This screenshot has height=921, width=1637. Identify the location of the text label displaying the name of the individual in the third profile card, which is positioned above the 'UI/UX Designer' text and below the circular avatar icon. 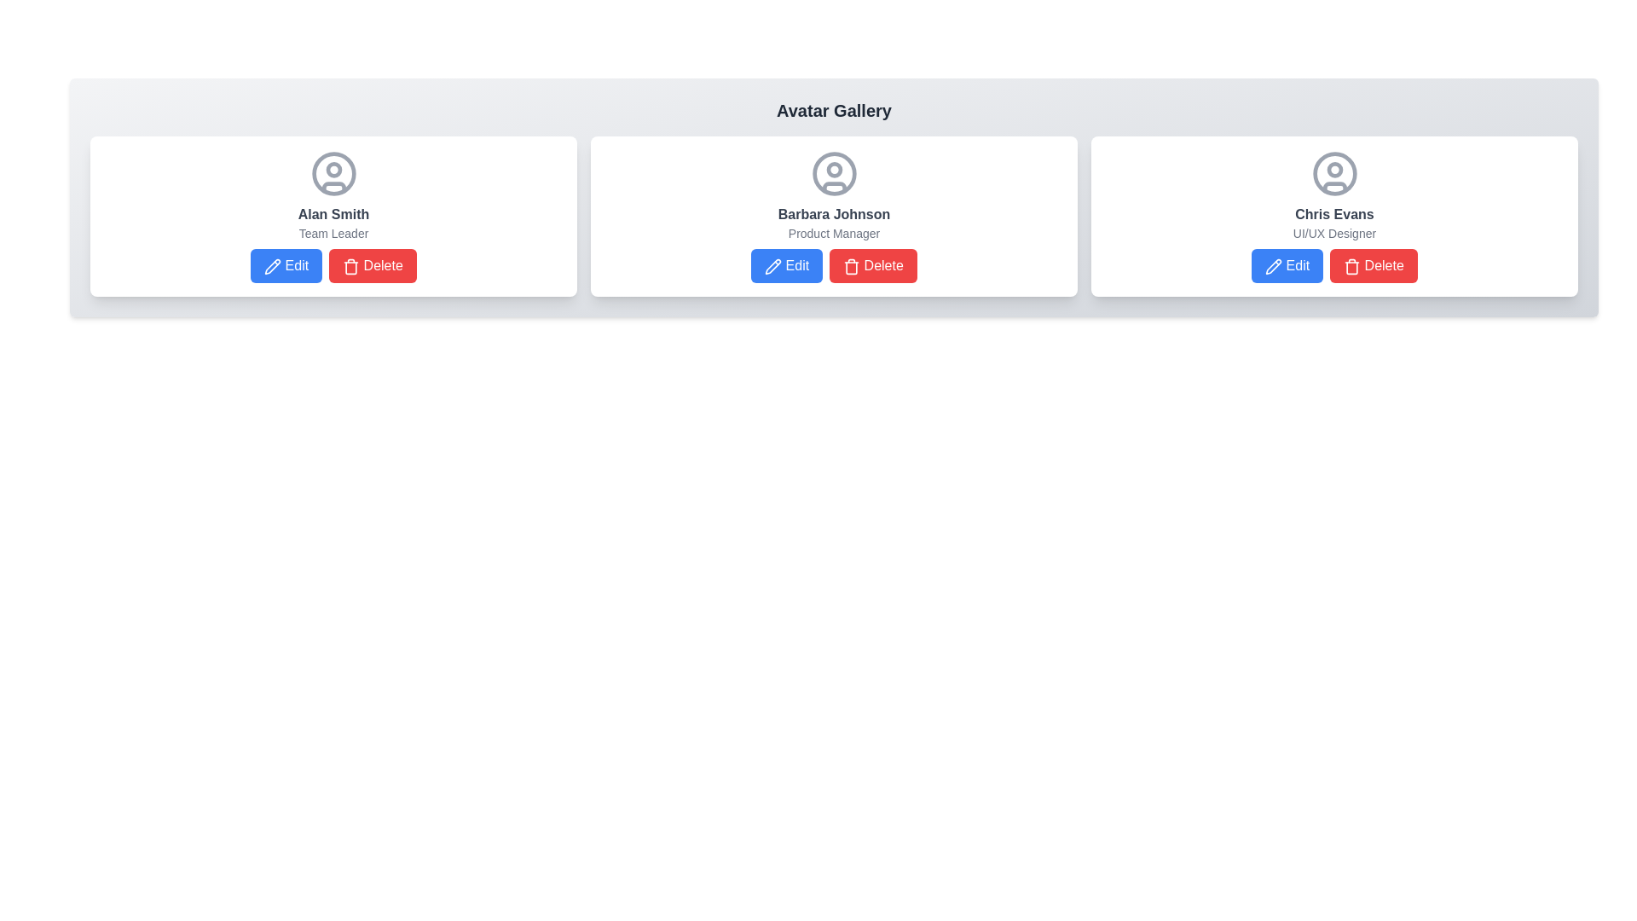
(1333, 213).